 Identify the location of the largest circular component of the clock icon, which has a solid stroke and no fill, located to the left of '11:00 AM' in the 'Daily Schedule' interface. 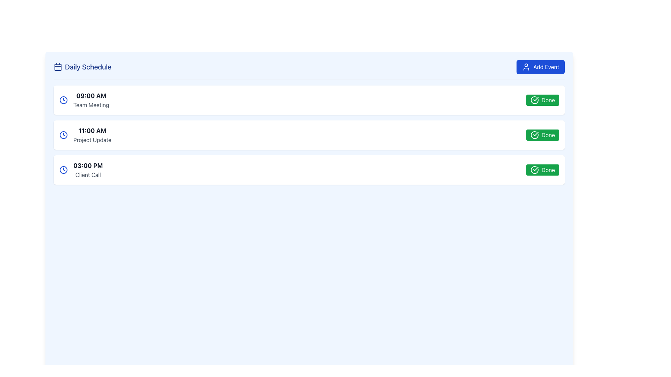
(64, 135).